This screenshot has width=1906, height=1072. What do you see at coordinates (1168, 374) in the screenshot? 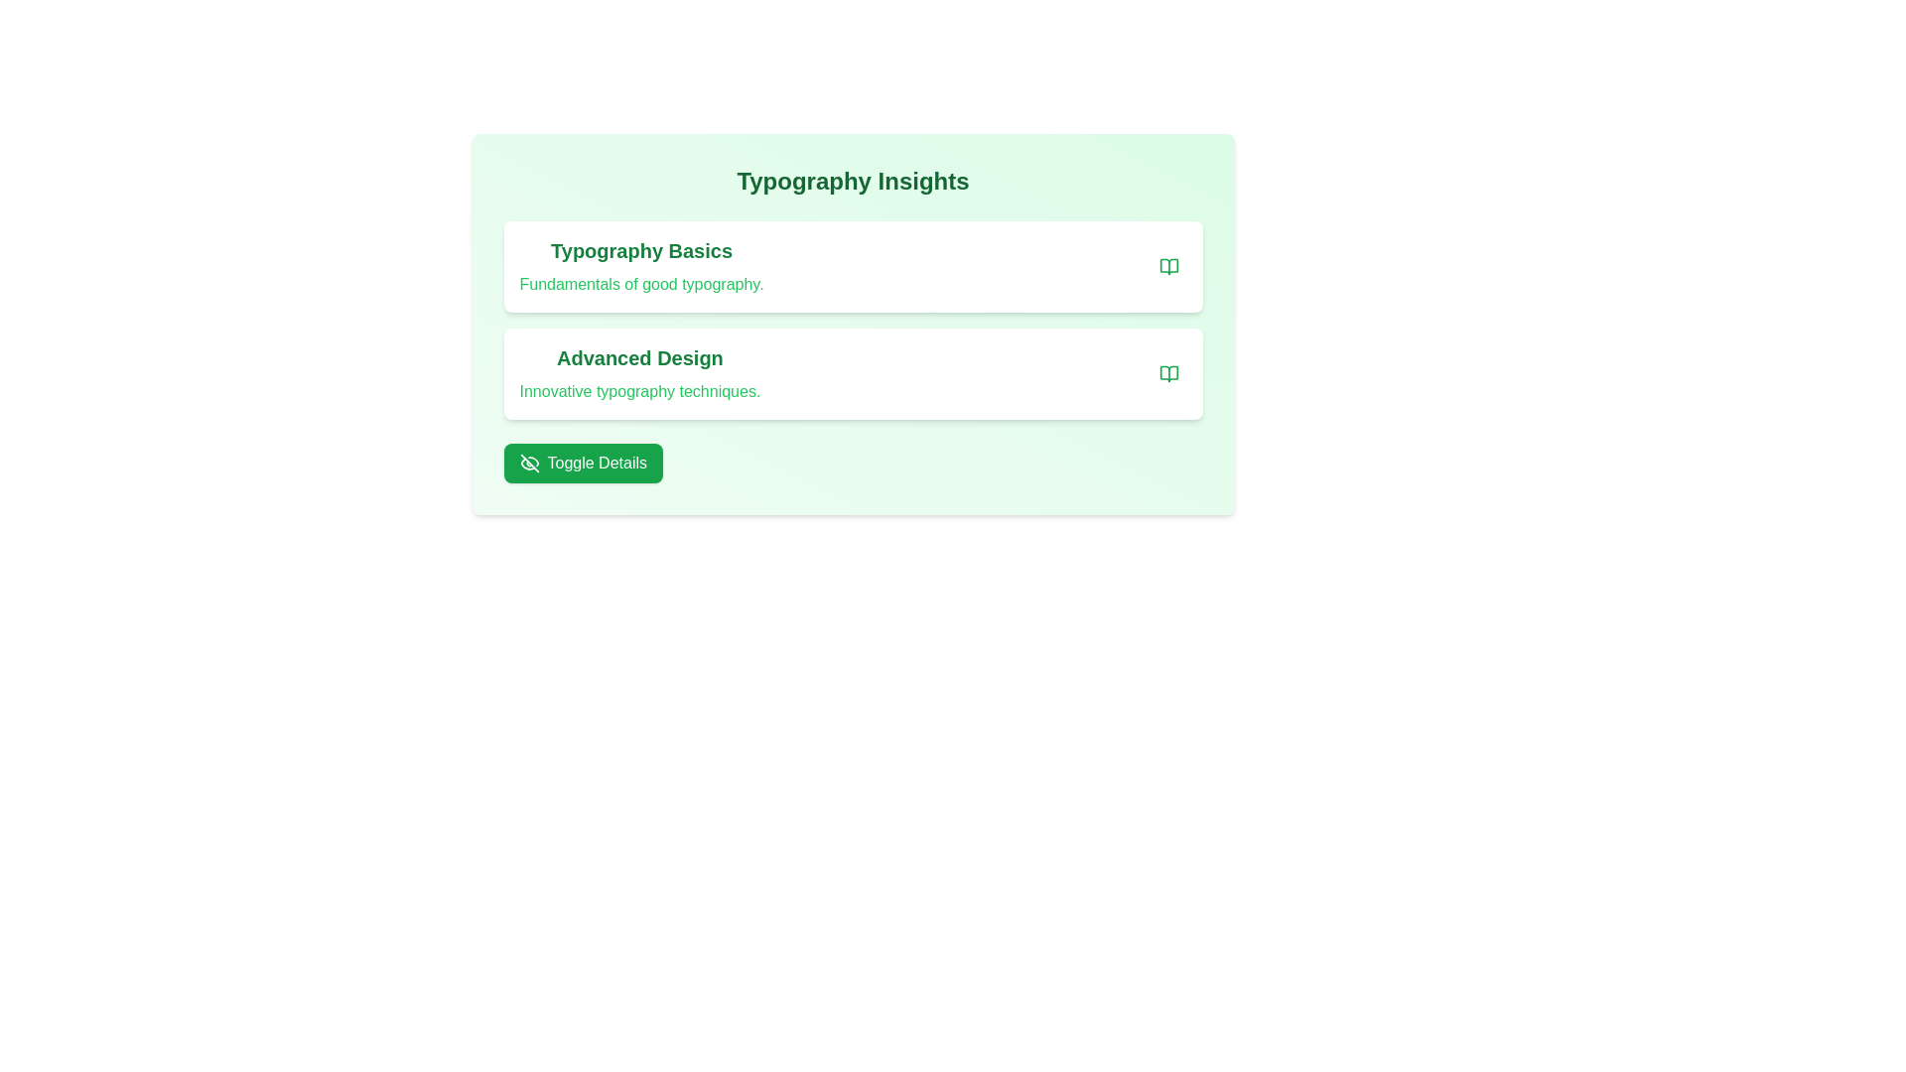
I see `the circular green button containing the open book icon located to the right of the 'Typography Basics' title under 'Typography Insights' for a visual effect` at bounding box center [1168, 374].